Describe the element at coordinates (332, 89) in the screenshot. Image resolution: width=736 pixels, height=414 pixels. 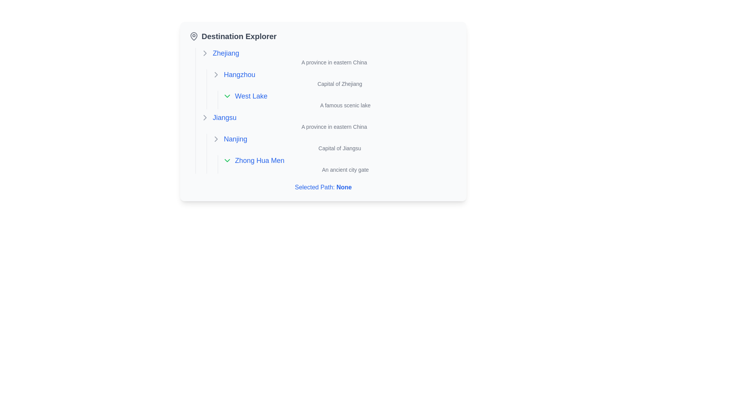
I see `descriptive information text block about 'Hangzhou', which is located below the clickable label for 'Hangzhou' and above the description of 'West Lake'` at that location.